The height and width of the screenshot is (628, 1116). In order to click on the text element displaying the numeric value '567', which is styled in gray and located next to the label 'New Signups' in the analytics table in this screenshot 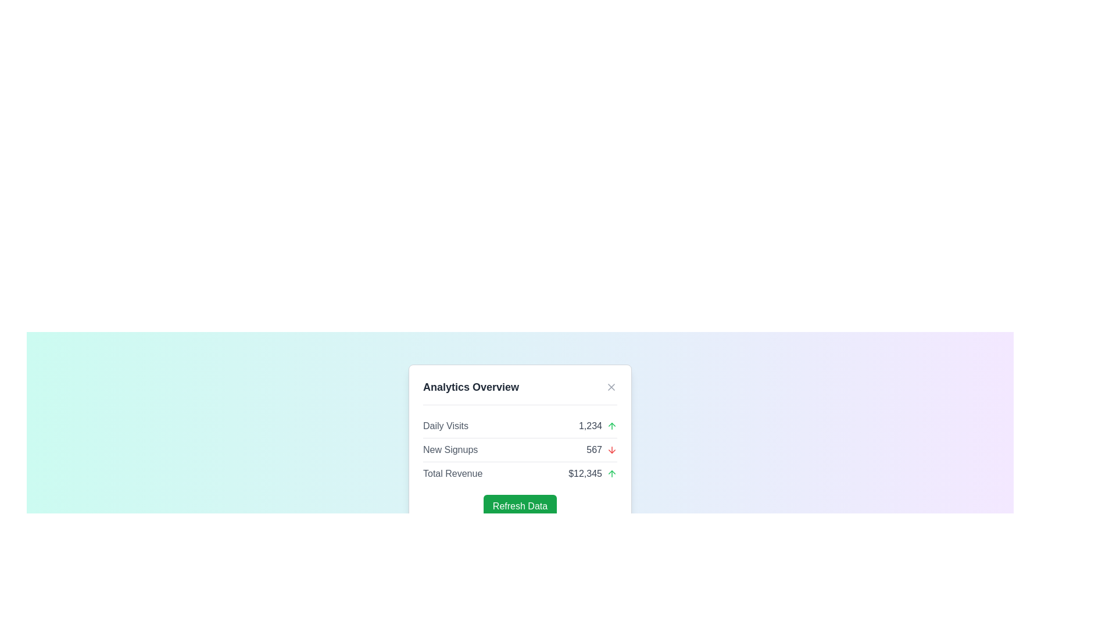, I will do `click(594, 449)`.